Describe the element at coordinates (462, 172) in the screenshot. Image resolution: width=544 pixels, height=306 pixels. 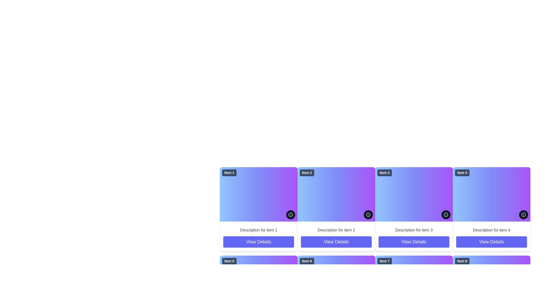
I see `the Label with the text 'Item 4', which is a small rectangular text box with rounded corners located in the top-left corner of the fourth card in a grid layout` at that location.